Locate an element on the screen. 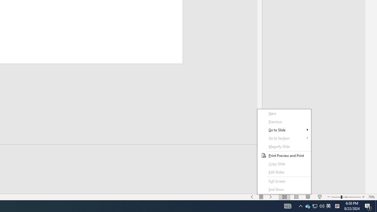 The image size is (377, 212). 'Show desktop' is located at coordinates (376, 206).